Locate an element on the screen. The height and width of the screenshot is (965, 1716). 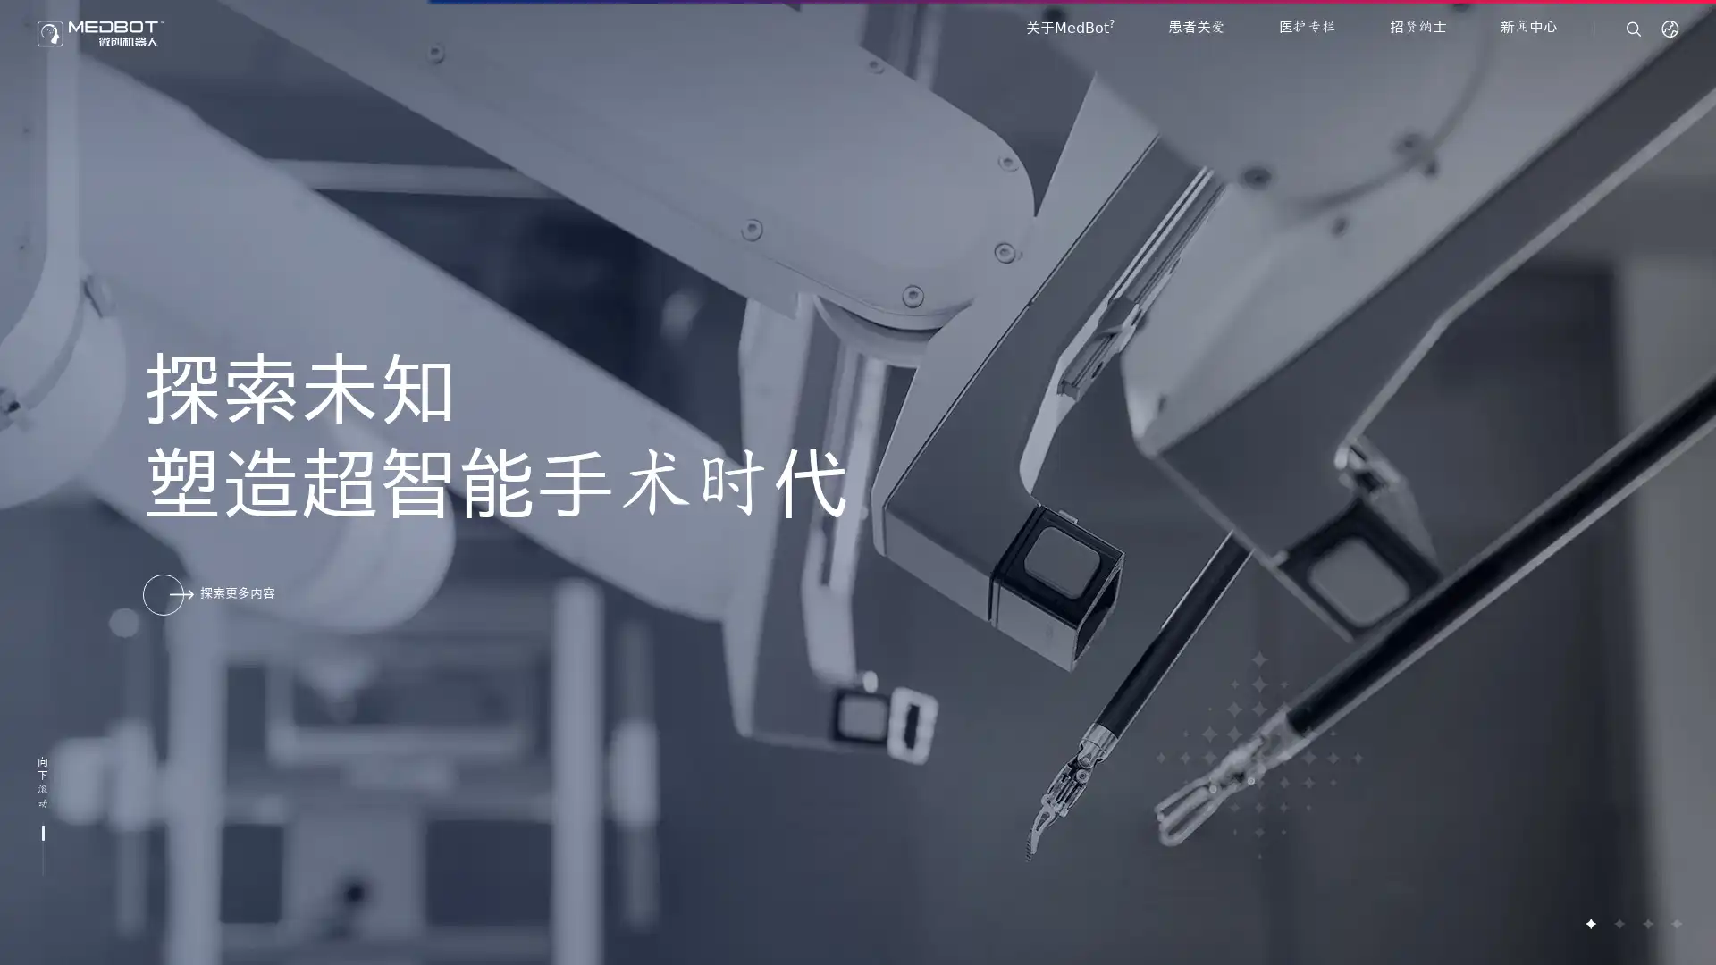
Go to slide 3 is located at coordinates (1646, 923).